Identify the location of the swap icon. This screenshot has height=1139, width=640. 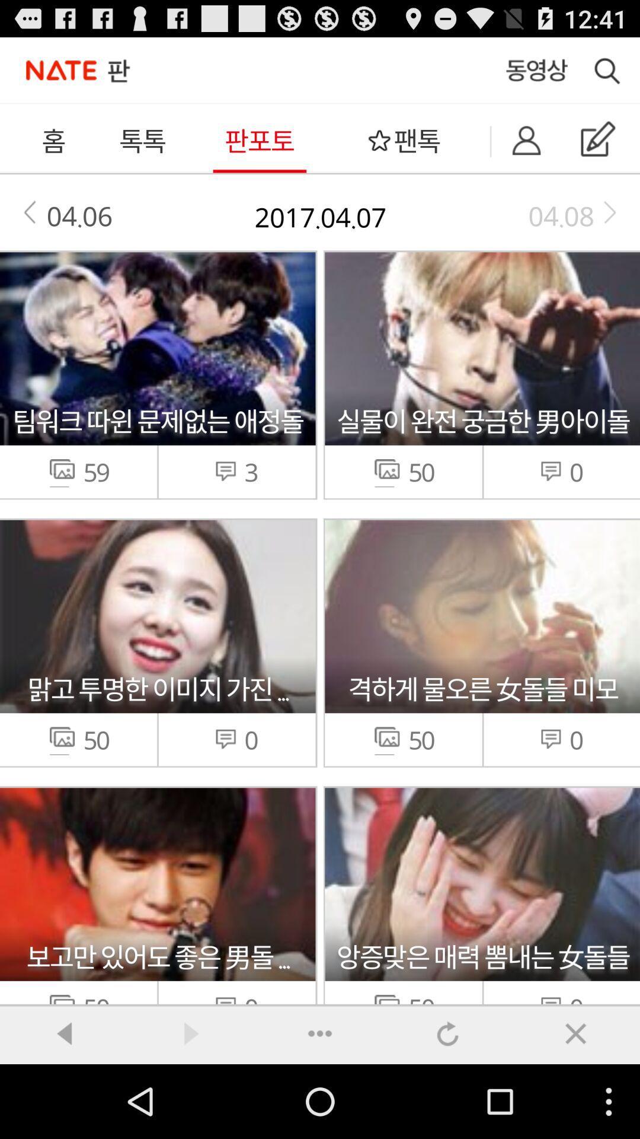
(448, 1105).